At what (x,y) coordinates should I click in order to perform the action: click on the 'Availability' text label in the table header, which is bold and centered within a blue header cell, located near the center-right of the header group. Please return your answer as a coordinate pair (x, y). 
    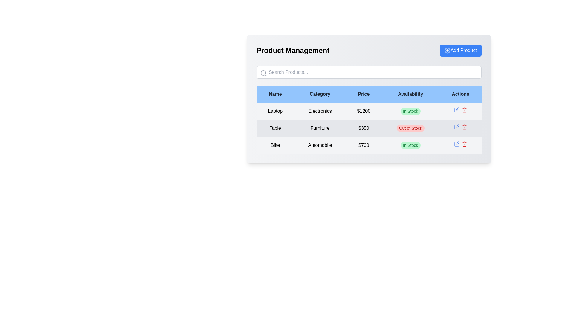
    Looking at the image, I should click on (410, 94).